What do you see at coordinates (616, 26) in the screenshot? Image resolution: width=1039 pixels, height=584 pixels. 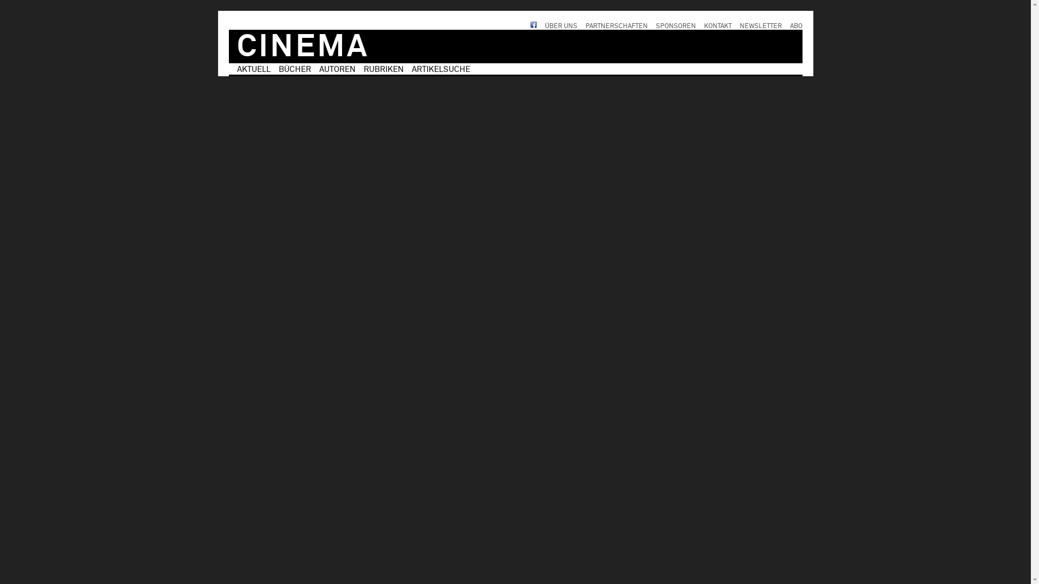 I see `'PARTNERSCHAFTEN'` at bounding box center [616, 26].